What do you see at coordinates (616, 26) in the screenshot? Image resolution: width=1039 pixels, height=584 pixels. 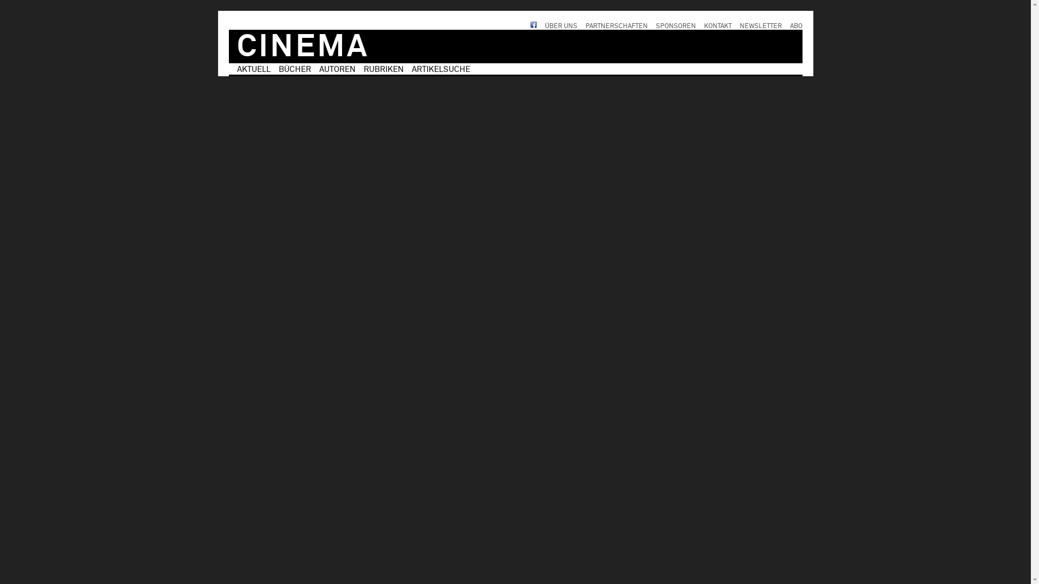 I see `'PARTNERSCHAFTEN'` at bounding box center [616, 26].